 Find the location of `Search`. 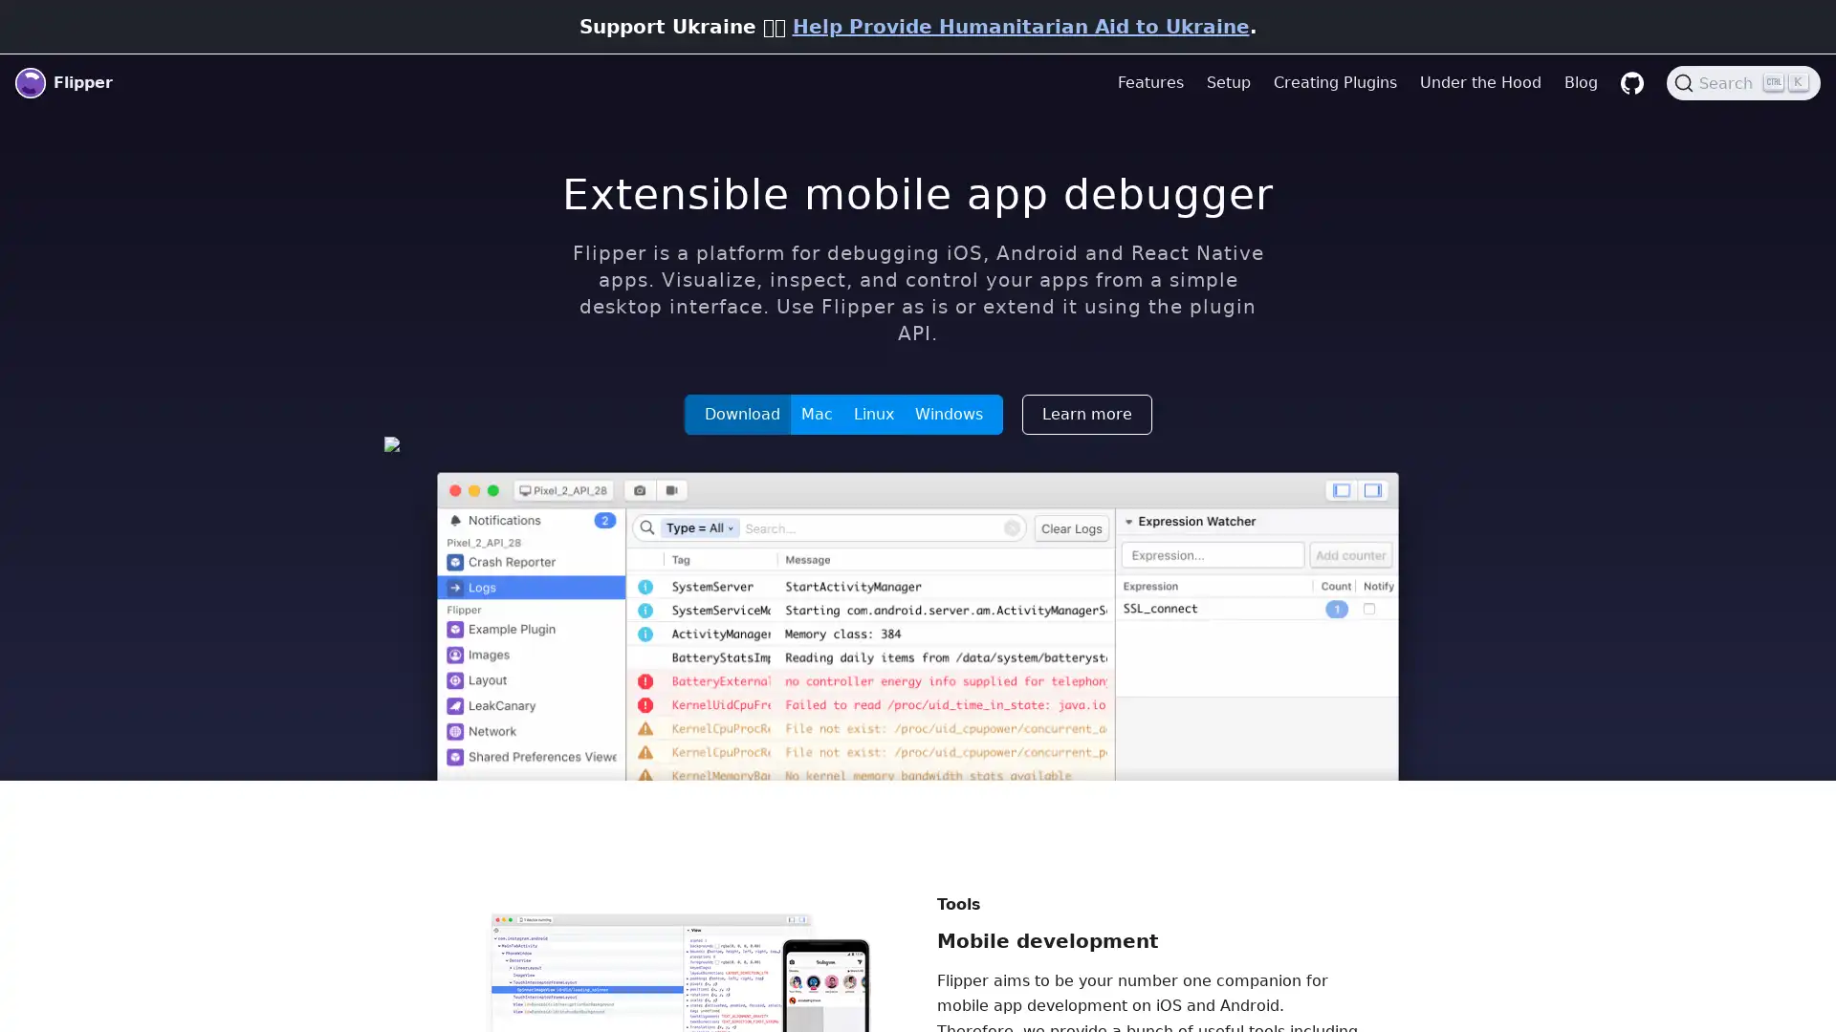

Search is located at coordinates (1743, 82).